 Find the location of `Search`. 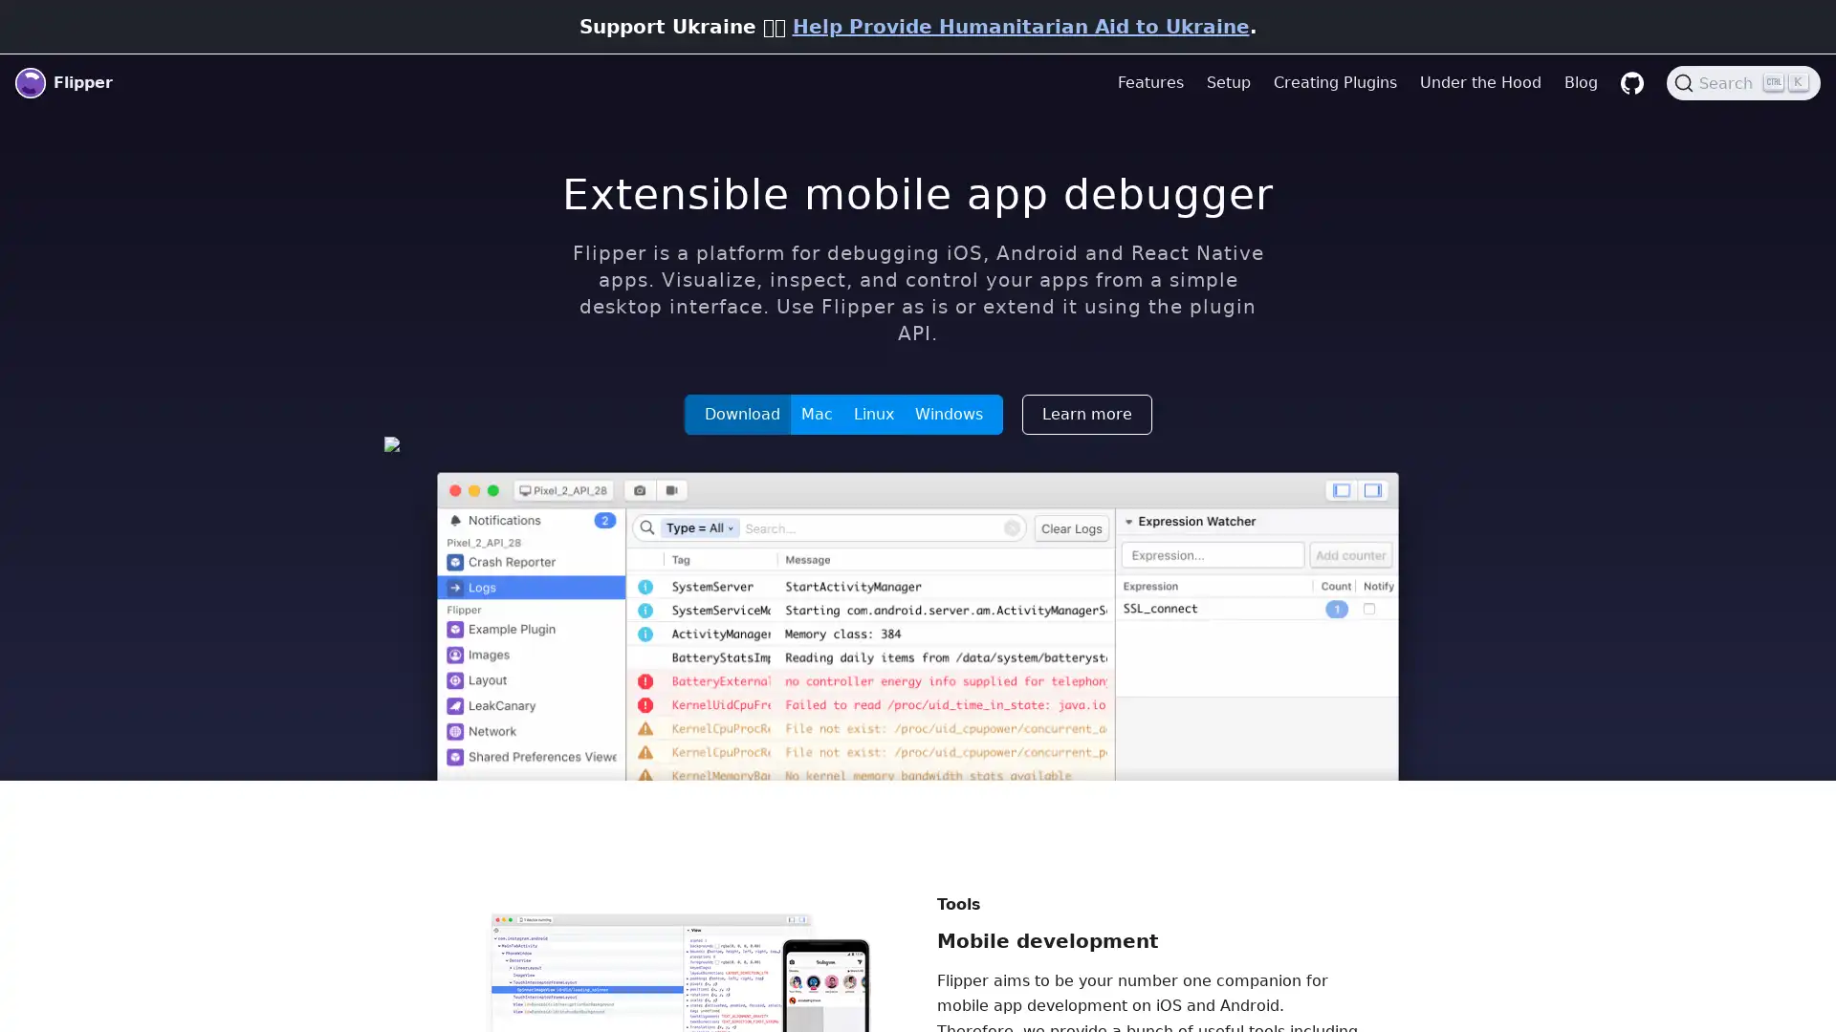

Search is located at coordinates (1743, 82).